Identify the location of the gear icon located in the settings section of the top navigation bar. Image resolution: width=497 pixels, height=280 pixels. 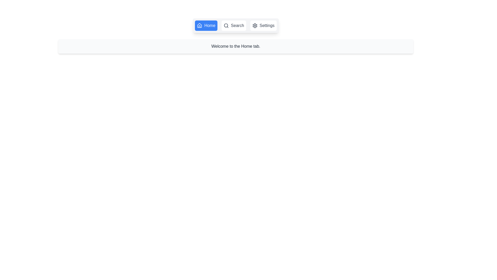
(255, 26).